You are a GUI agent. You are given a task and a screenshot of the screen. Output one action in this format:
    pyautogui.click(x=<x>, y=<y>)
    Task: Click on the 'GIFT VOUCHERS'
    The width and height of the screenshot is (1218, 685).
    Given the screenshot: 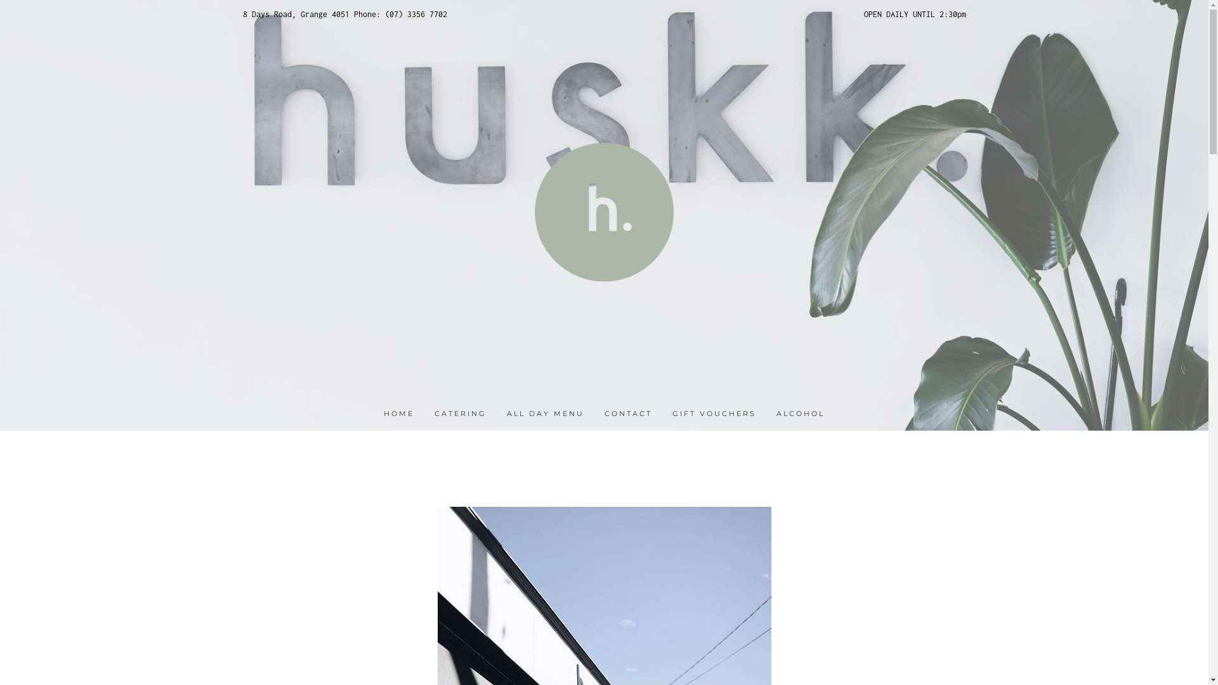 What is the action you would take?
    pyautogui.click(x=714, y=414)
    